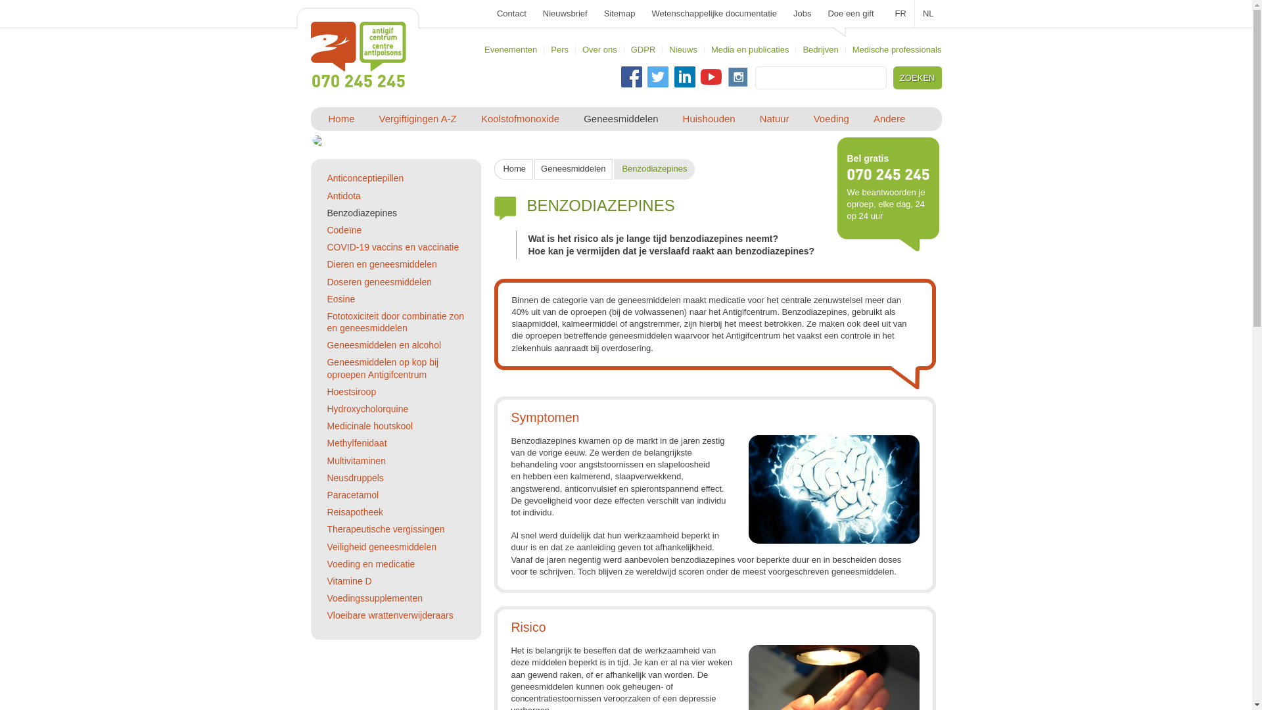 This screenshot has height=710, width=1262. I want to click on 'GDPR', so click(643, 49).